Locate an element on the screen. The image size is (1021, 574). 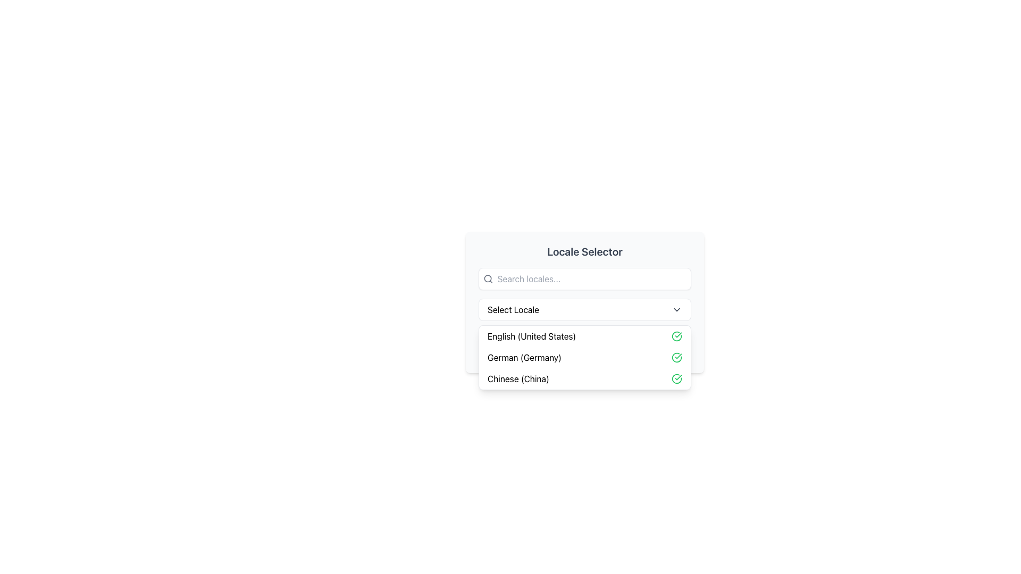
the circular part of the magnifying glass icon located to the left of the 'Search locales...' input field in the locale selector dialog is located at coordinates (487, 278).